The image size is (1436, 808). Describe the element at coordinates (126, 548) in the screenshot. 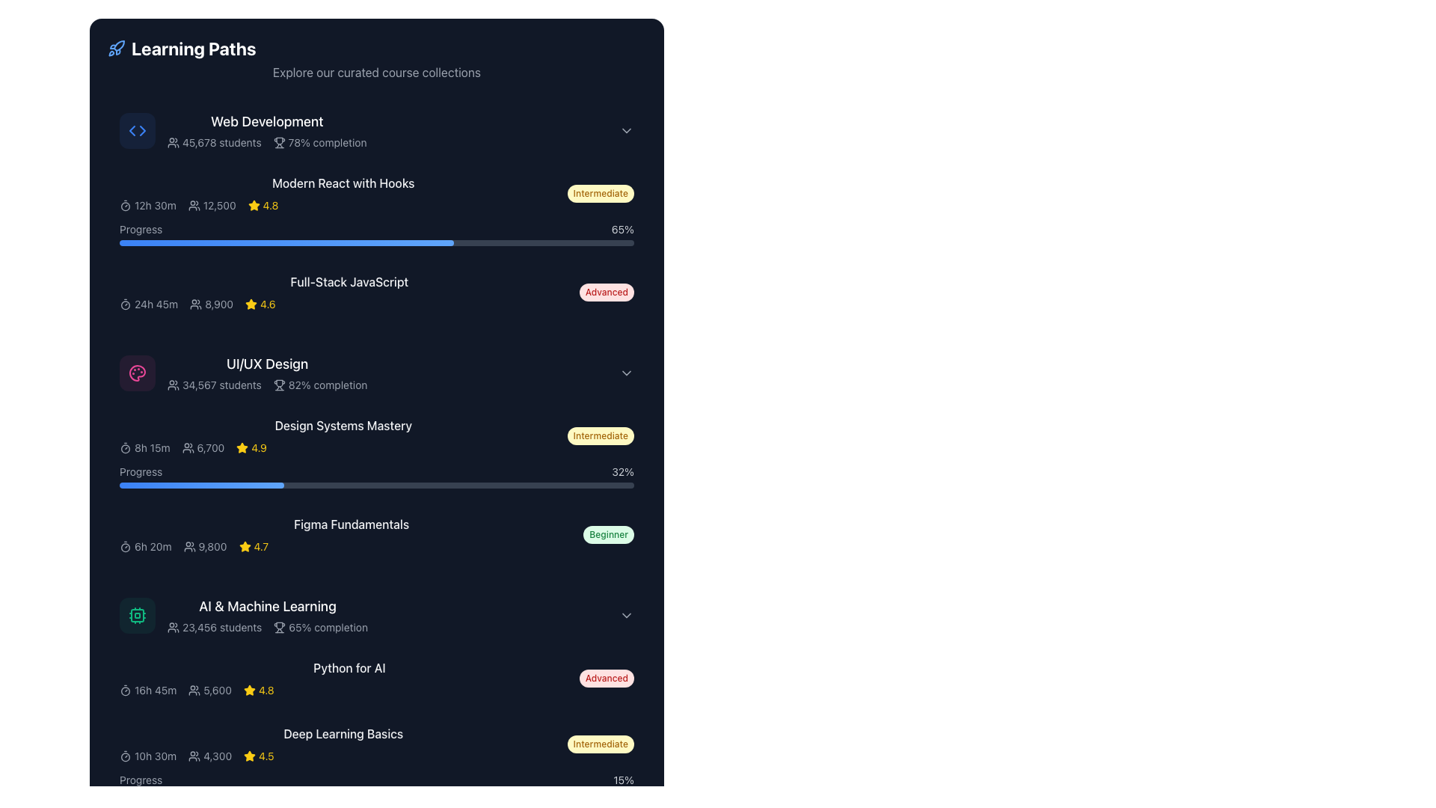

I see `the circular decorative component of the timer icon located to the left of the 'Figma Fundamentals' label in the UI/UX course section` at that location.